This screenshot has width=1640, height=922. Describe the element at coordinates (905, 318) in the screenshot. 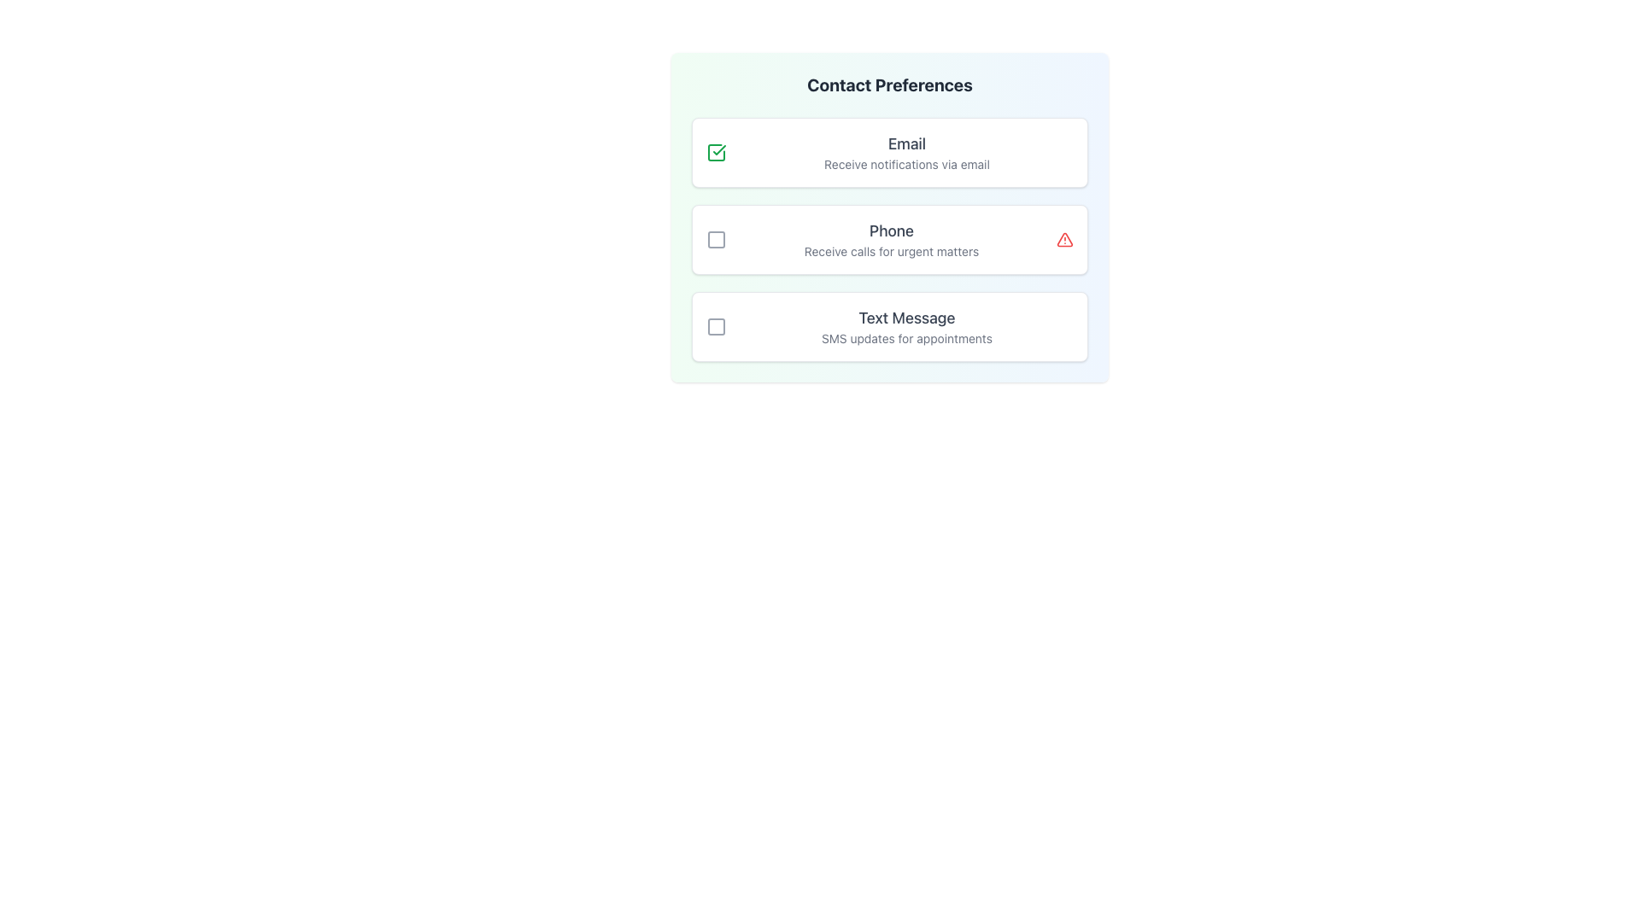

I see `the Text Label that serves as the header for the 'Text Message' option in the 'Contact Preferences' section, located beneath the checkbox` at that location.